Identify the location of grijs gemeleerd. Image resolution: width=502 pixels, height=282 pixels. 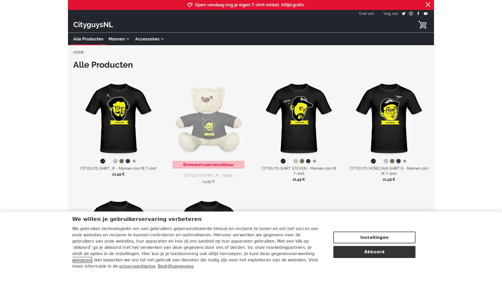
(385, 161).